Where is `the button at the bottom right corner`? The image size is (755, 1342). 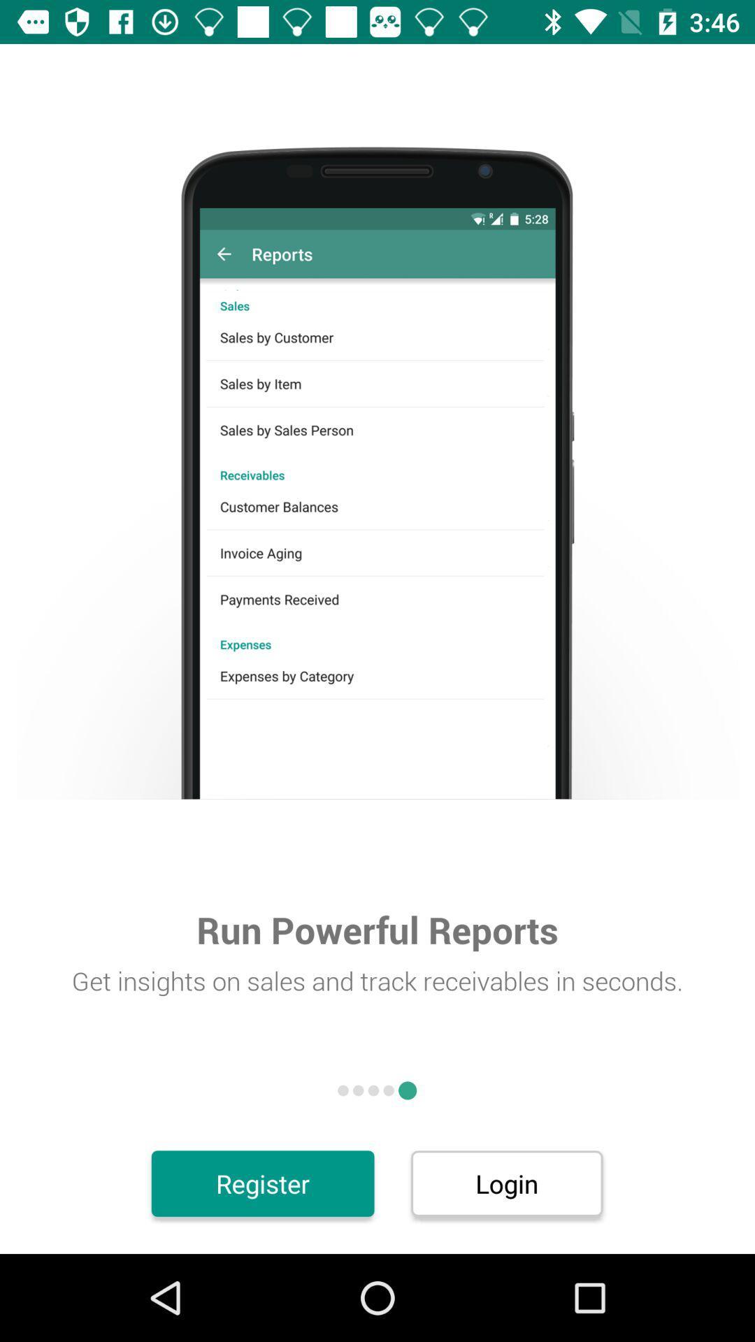 the button at the bottom right corner is located at coordinates (507, 1183).